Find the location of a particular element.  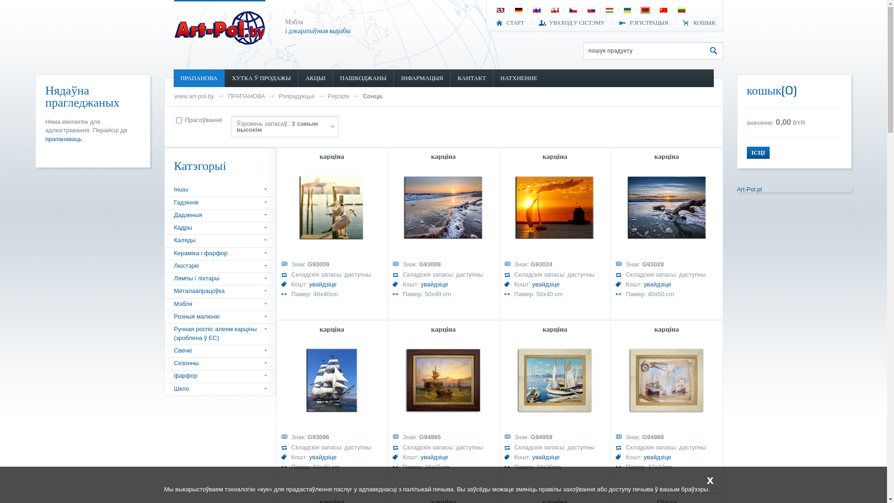

'hu' is located at coordinates (610, 10).